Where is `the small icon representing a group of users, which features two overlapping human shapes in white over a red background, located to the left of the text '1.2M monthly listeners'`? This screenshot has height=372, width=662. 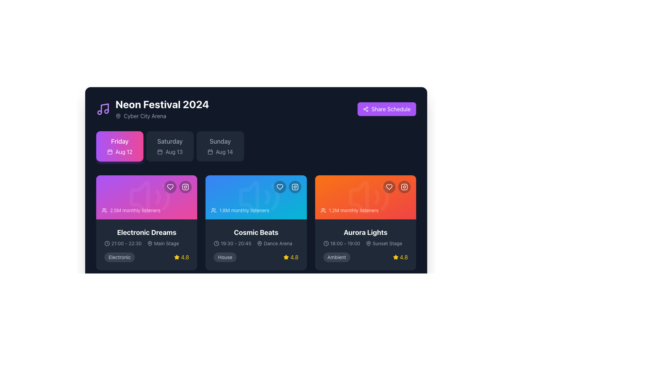
the small icon representing a group of users, which features two overlapping human shapes in white over a red background, located to the left of the text '1.2M monthly listeners' is located at coordinates (323, 210).